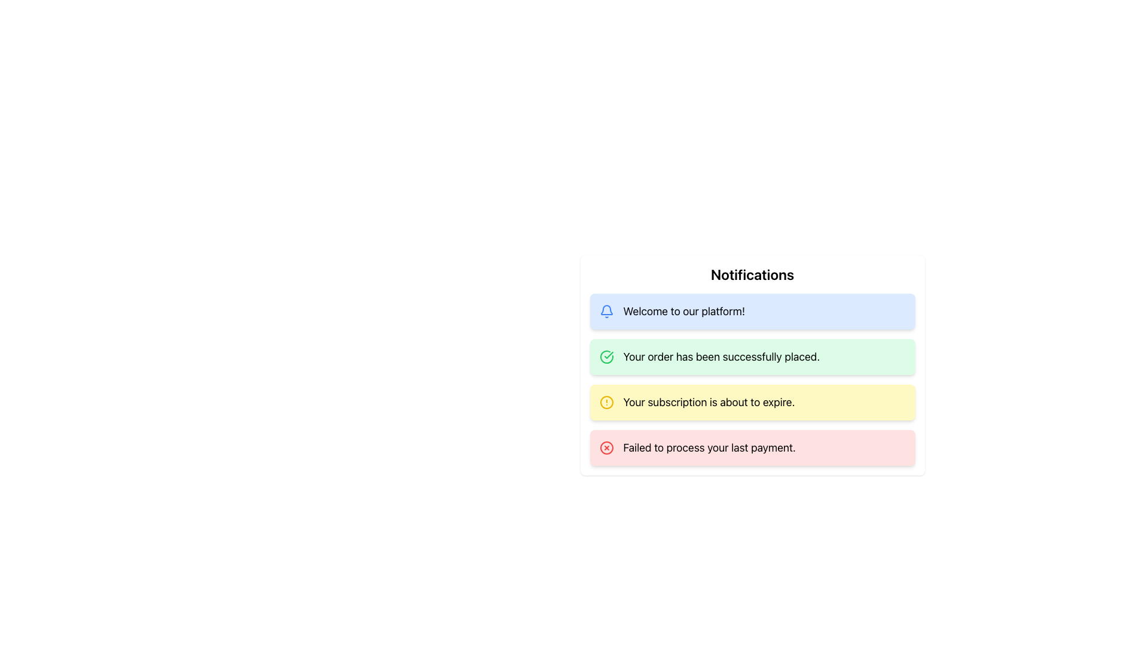 The width and height of the screenshot is (1148, 646). I want to click on text content of the notification box with a red background that says 'Failed to process your last payment.', so click(752, 447).